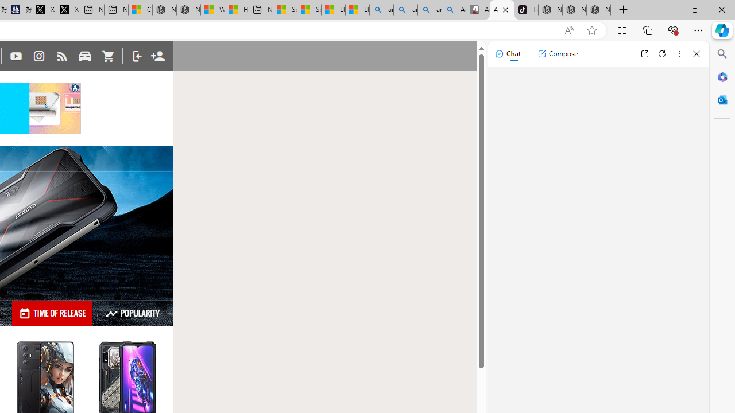  What do you see at coordinates (574, 10) in the screenshot?
I see `'Nordace Siena Pro 15 Backpack'` at bounding box center [574, 10].